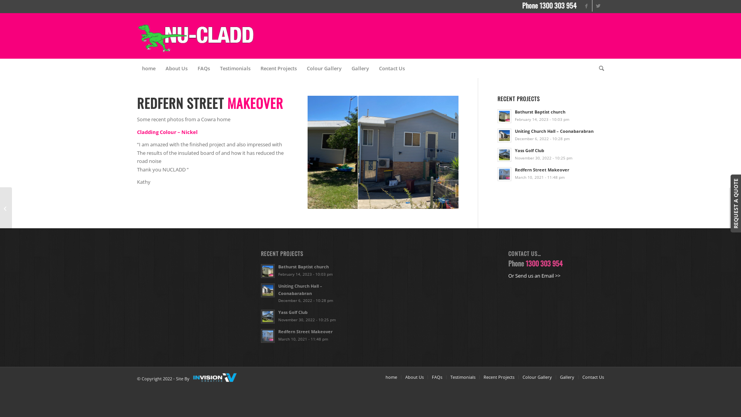  Describe the element at coordinates (405, 376) in the screenshot. I see `'About Us'` at that location.